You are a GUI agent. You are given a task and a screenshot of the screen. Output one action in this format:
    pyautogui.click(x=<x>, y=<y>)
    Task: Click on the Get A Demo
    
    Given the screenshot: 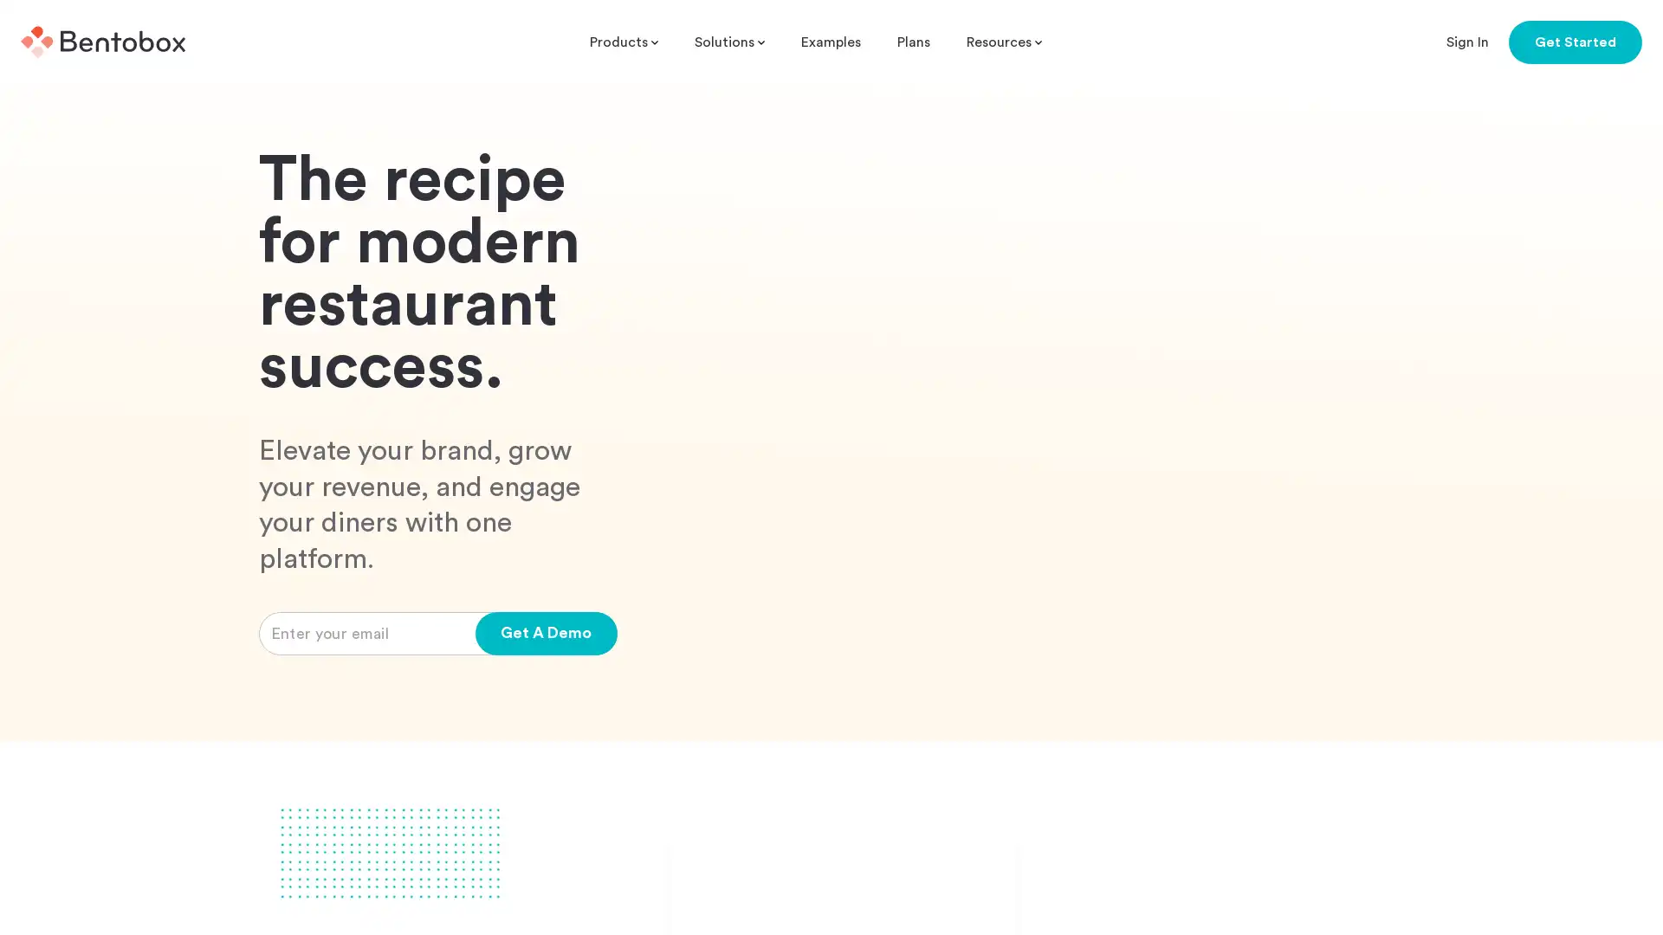 What is the action you would take?
    pyautogui.click(x=545, y=755)
    